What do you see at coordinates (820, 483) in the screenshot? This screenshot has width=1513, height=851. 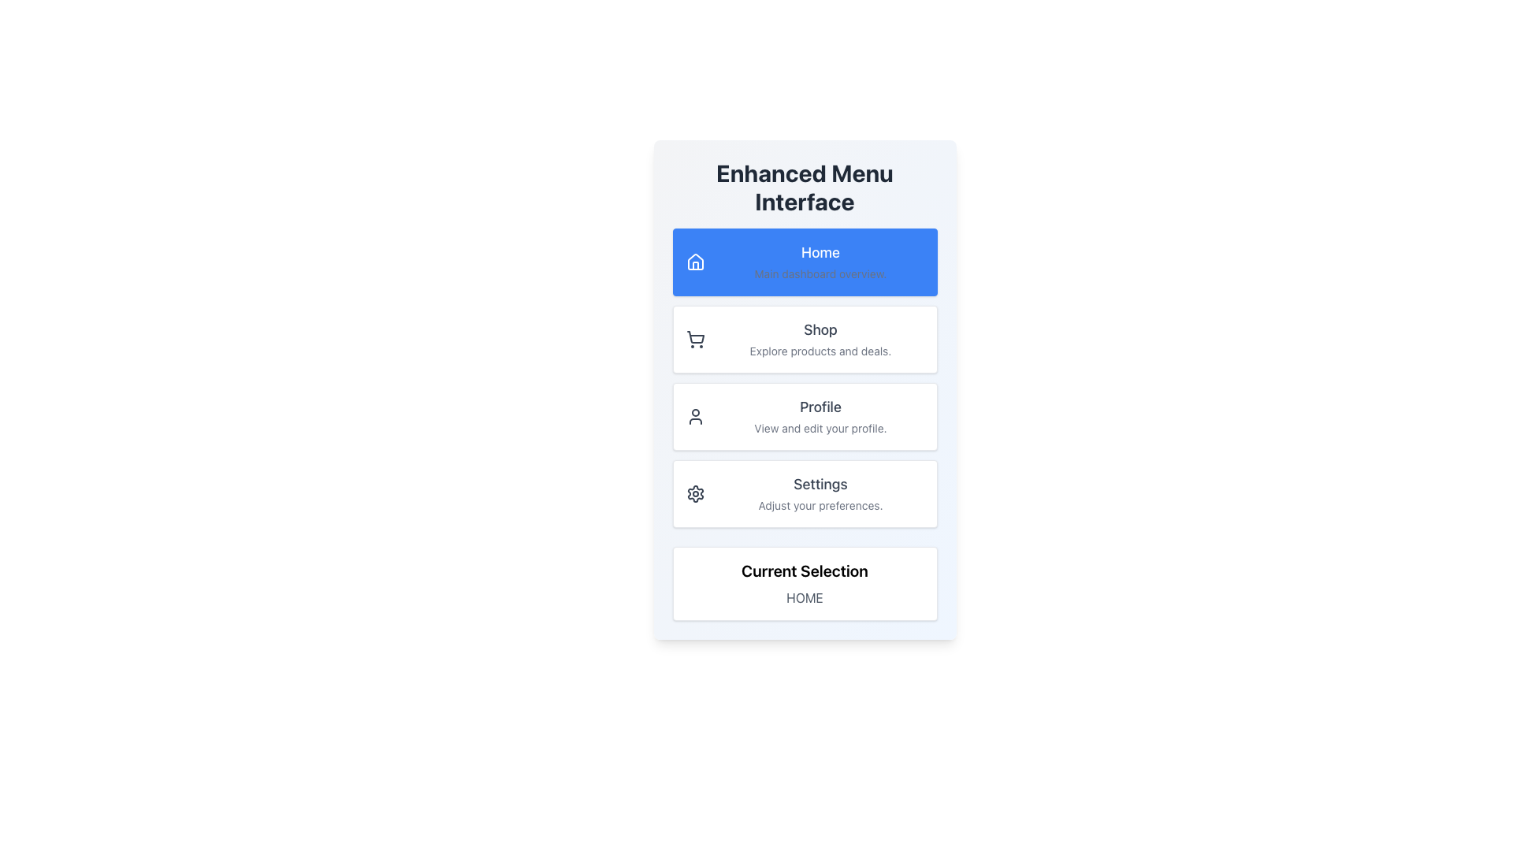 I see `the static text label that serves as a heading for the 'Settings' menu section, located at the center of the fourth section in the vertically stacked menu` at bounding box center [820, 483].